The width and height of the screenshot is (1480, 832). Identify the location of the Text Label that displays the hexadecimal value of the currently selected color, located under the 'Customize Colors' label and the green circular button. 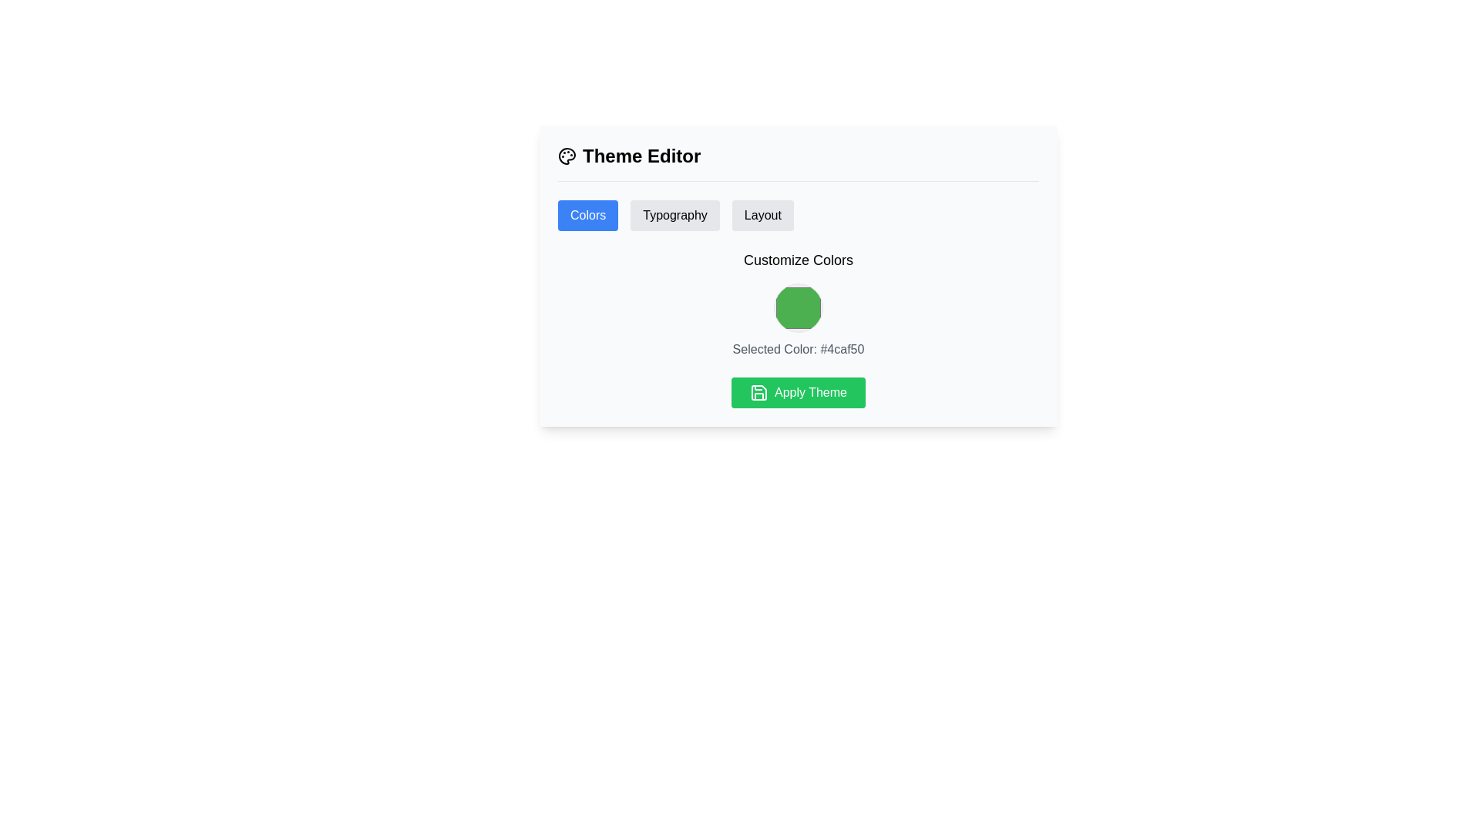
(799, 350).